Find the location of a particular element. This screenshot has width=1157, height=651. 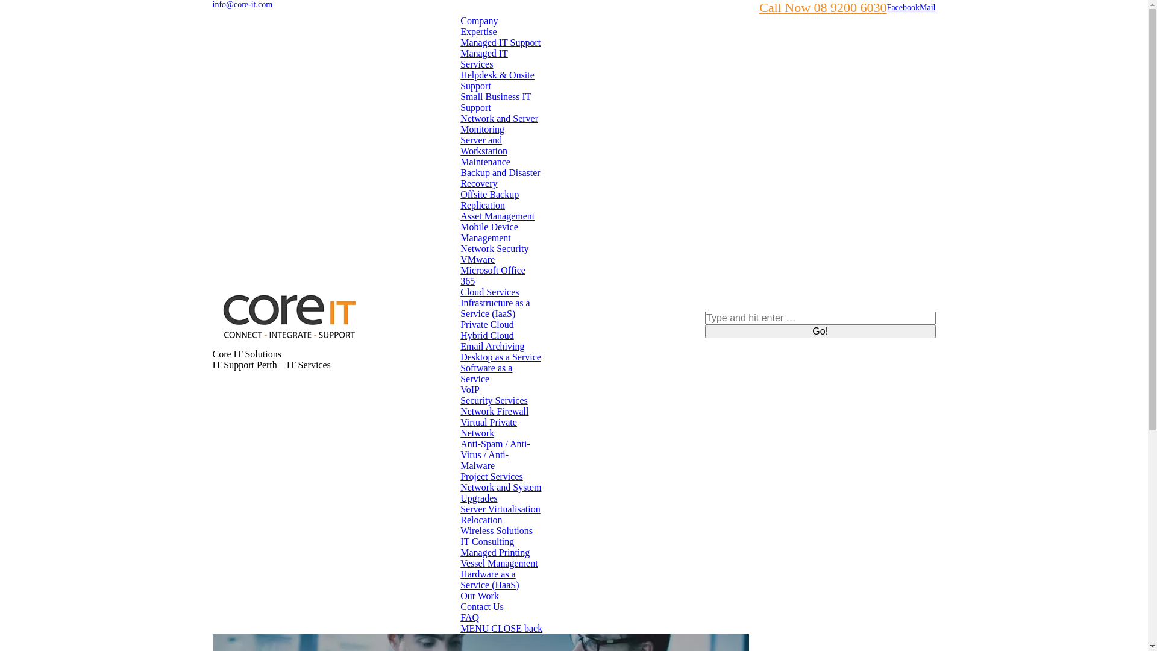

'Network and System Upgrades' is located at coordinates (500, 492).